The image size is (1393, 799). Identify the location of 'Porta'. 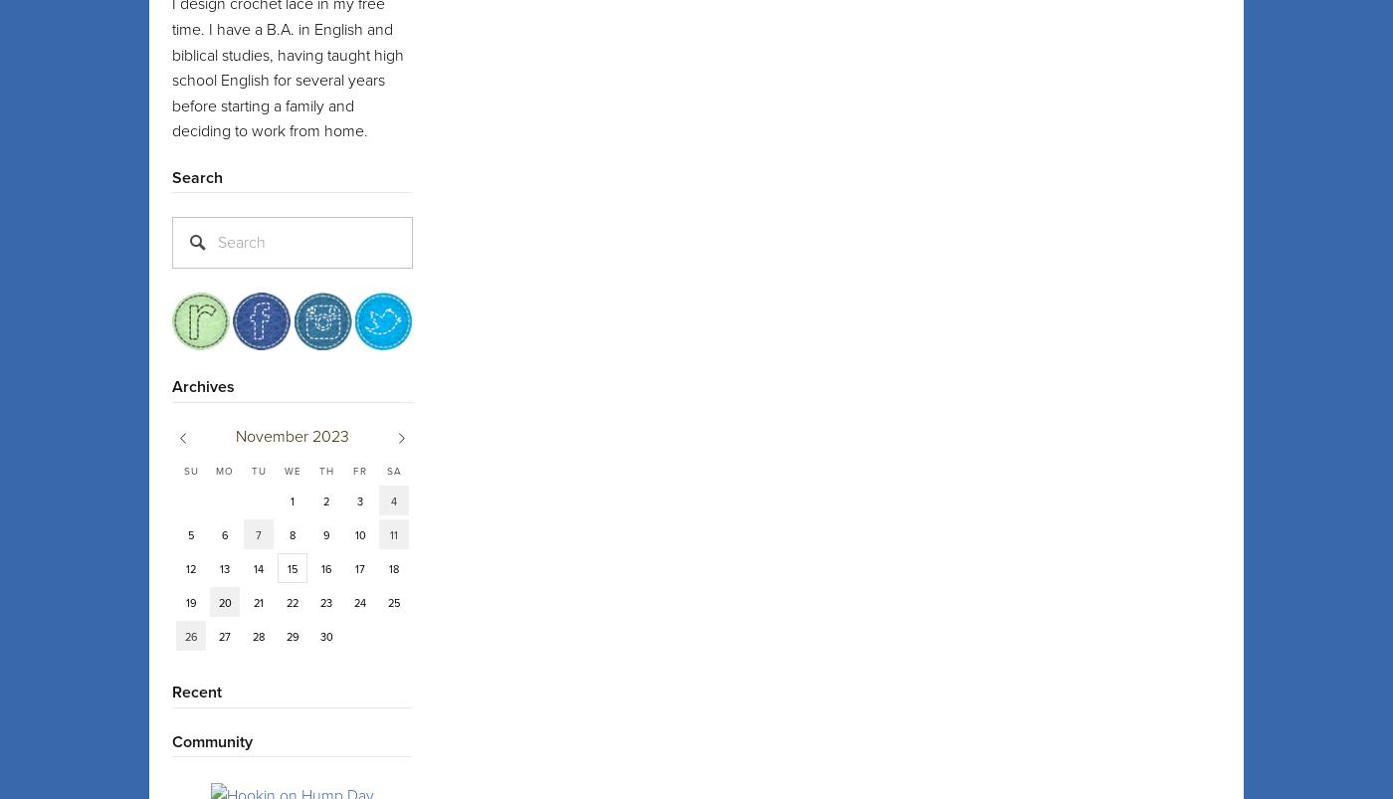
(237, 497).